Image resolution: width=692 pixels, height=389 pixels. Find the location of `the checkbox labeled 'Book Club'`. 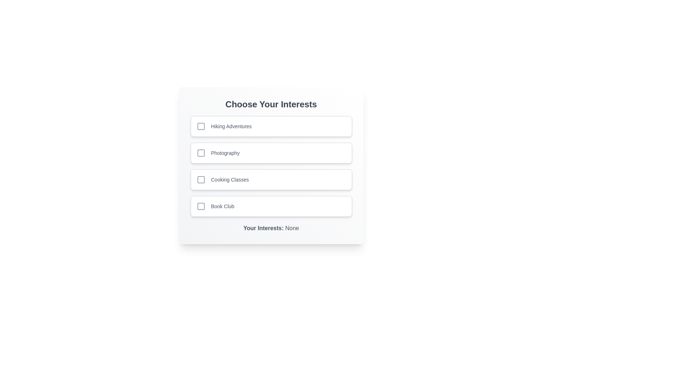

the checkbox labeled 'Book Club' is located at coordinates (271, 206).